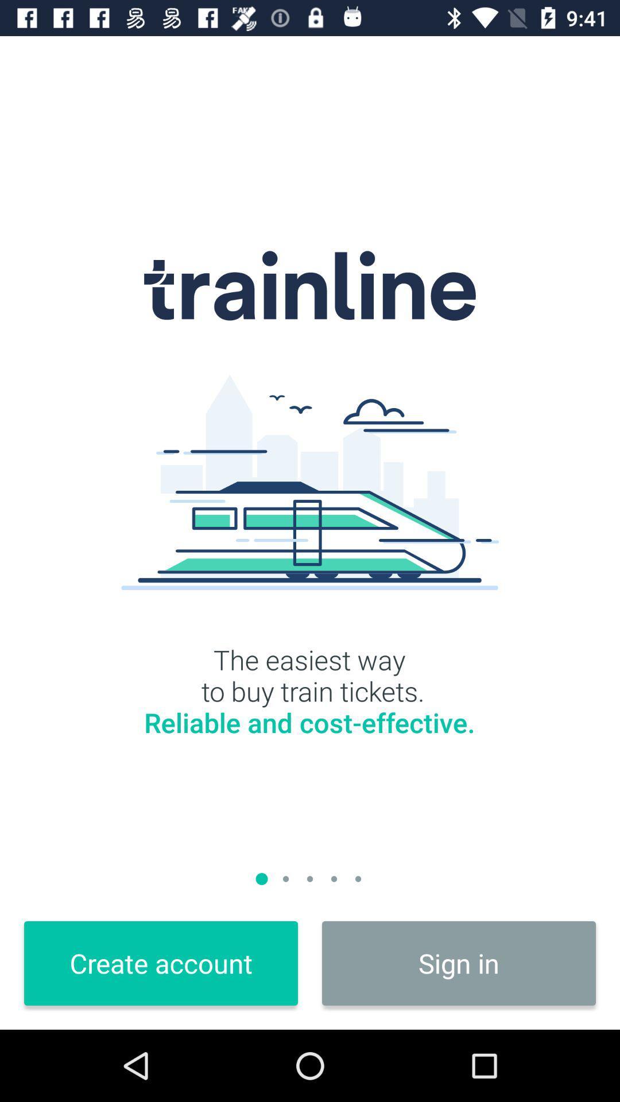 The height and width of the screenshot is (1102, 620). What do you see at coordinates (458, 963) in the screenshot?
I see `the item next to create account` at bounding box center [458, 963].